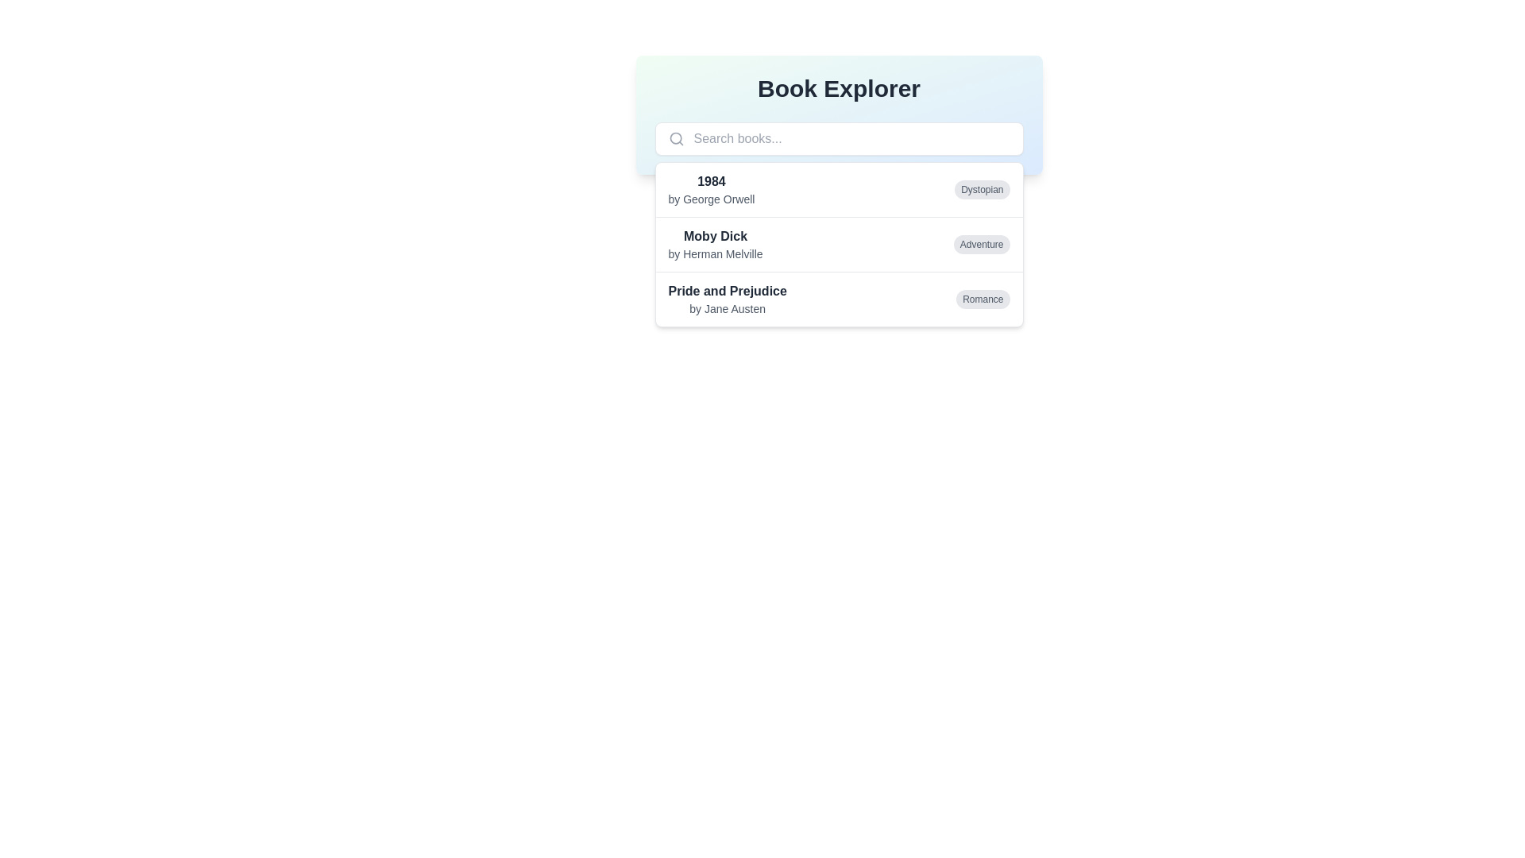  I want to click on the information card displaying details about the book '1984', which is the topmost entry, so click(838, 189).